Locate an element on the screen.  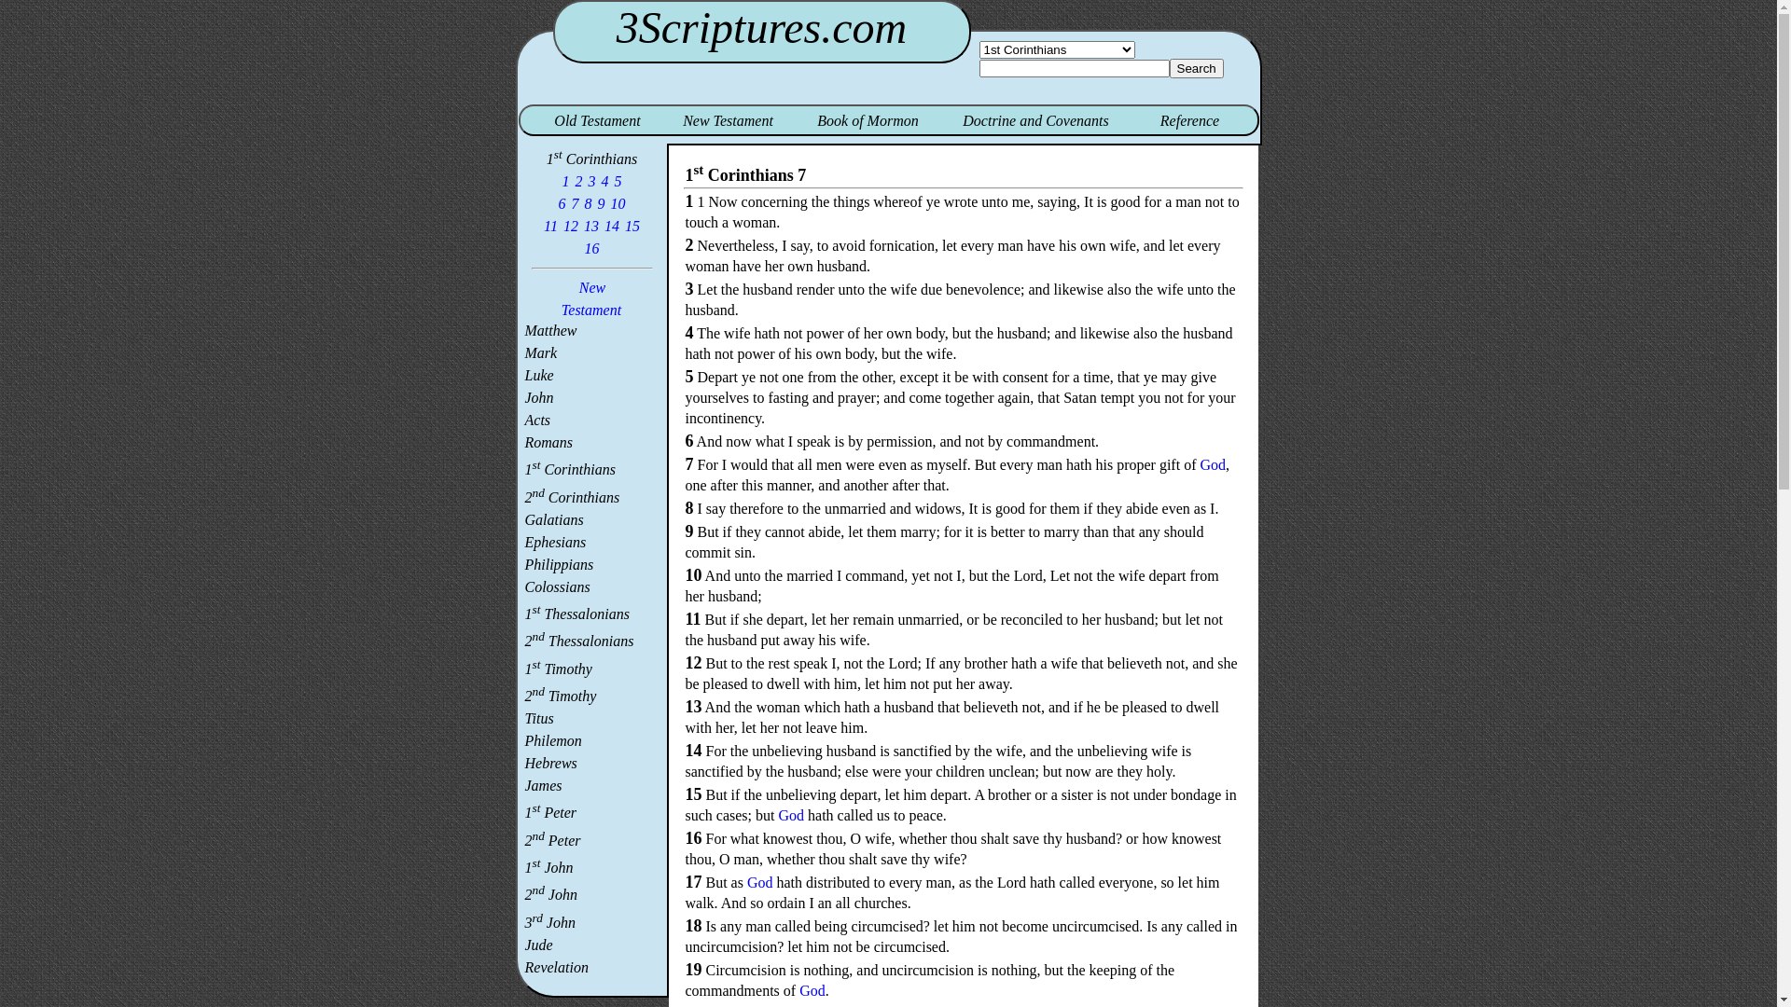
'Search' is located at coordinates (1196, 67).